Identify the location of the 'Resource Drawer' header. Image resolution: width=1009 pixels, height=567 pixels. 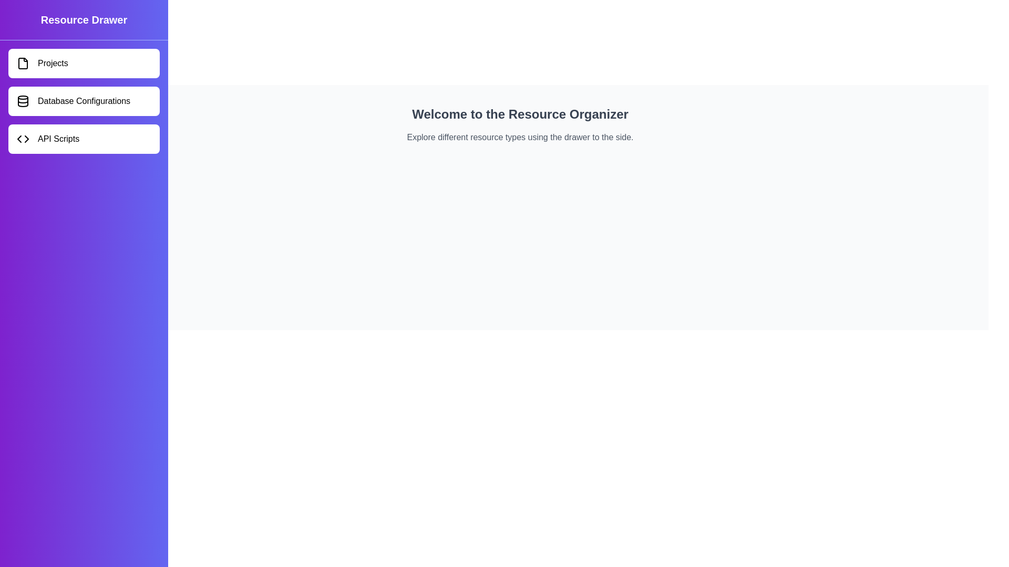
(83, 20).